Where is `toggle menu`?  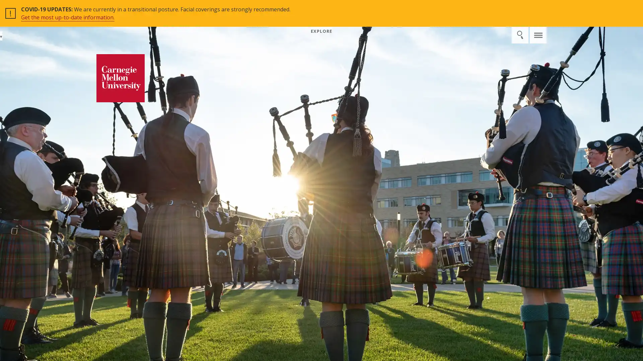
toggle menu is located at coordinates (538, 9).